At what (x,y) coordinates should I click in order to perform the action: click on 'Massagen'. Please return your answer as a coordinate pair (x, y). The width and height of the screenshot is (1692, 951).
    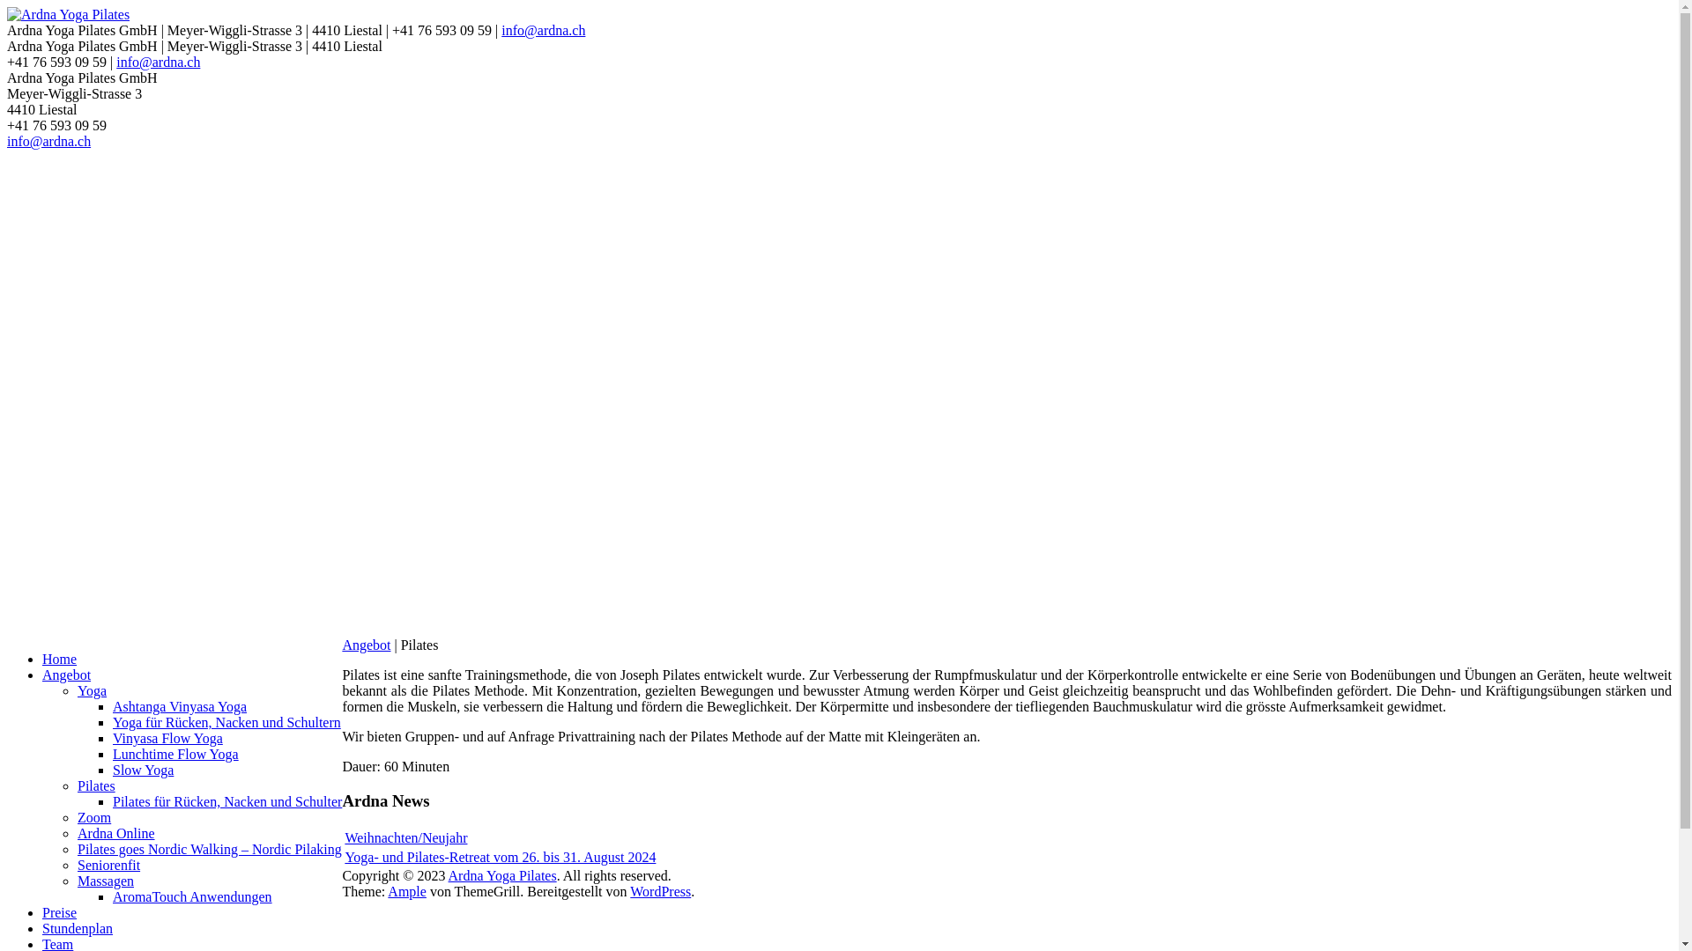
    Looking at the image, I should click on (105, 881).